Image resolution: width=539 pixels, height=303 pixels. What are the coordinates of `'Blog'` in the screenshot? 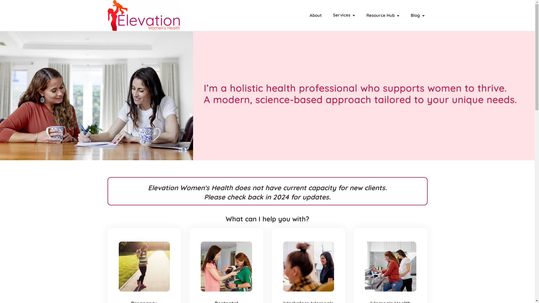 It's located at (417, 15).